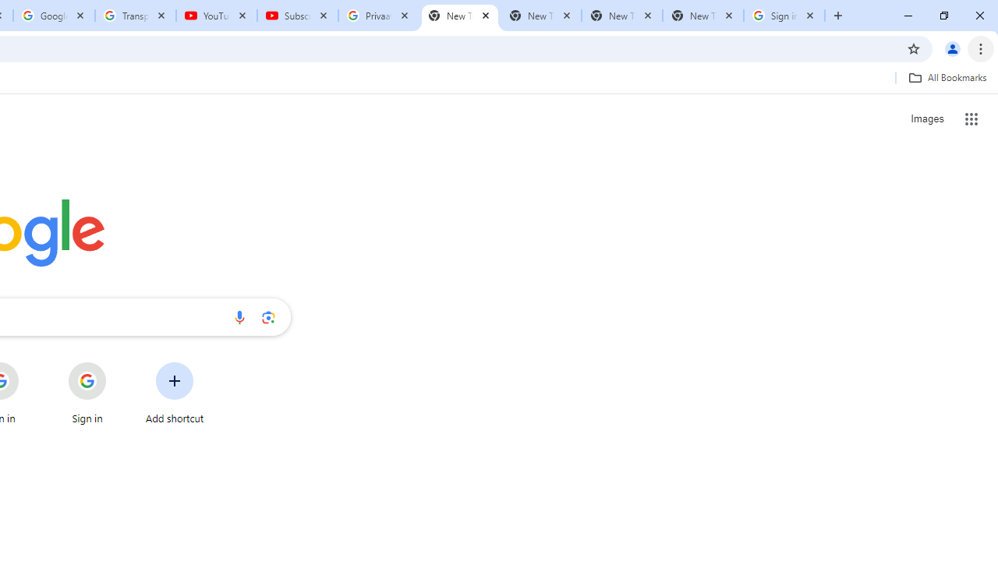  What do you see at coordinates (118, 363) in the screenshot?
I see `'More actions for Sign in shortcut'` at bounding box center [118, 363].